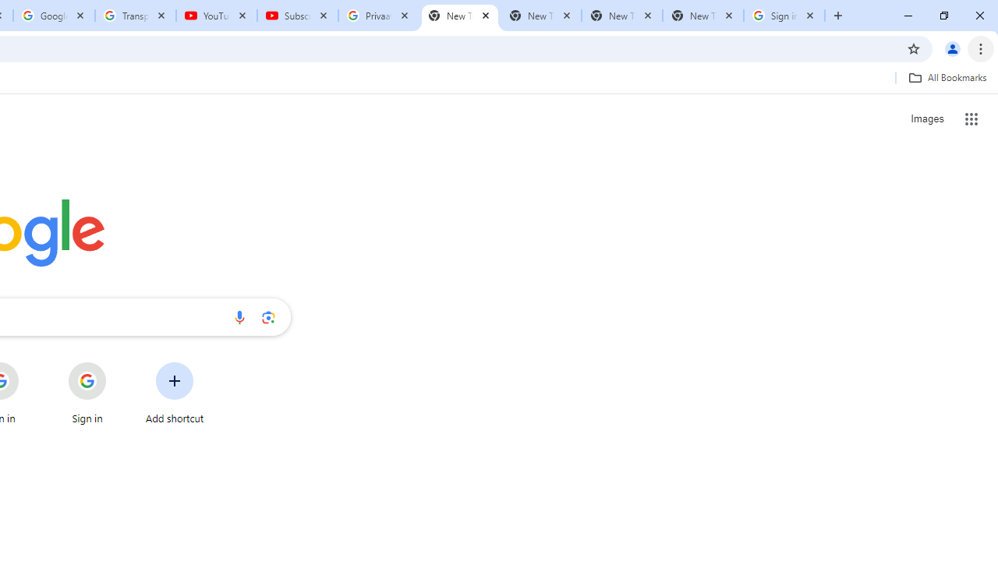  What do you see at coordinates (118, 363) in the screenshot?
I see `'More actions for Sign in shortcut'` at bounding box center [118, 363].